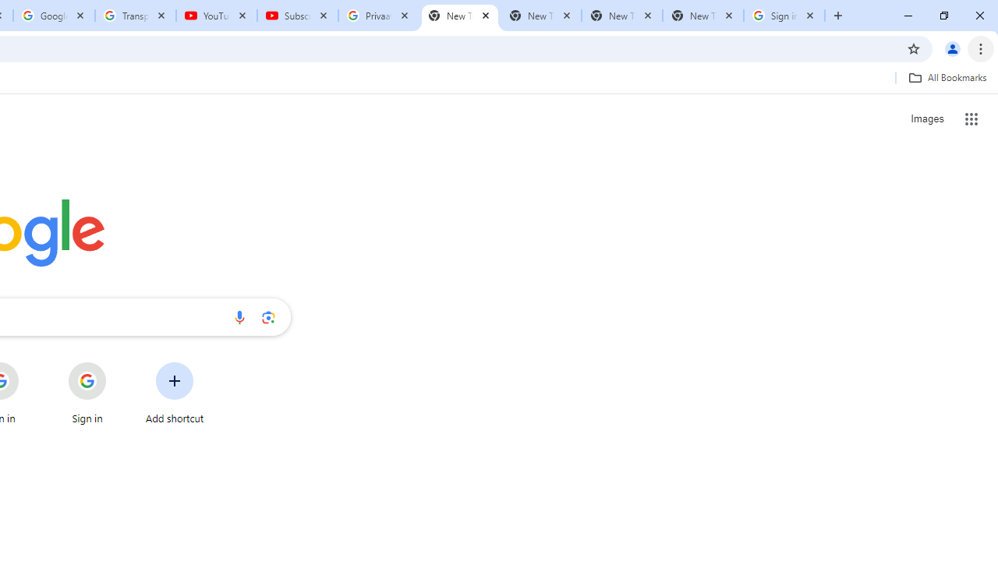  What do you see at coordinates (118, 363) in the screenshot?
I see `'More actions for Sign in shortcut'` at bounding box center [118, 363].